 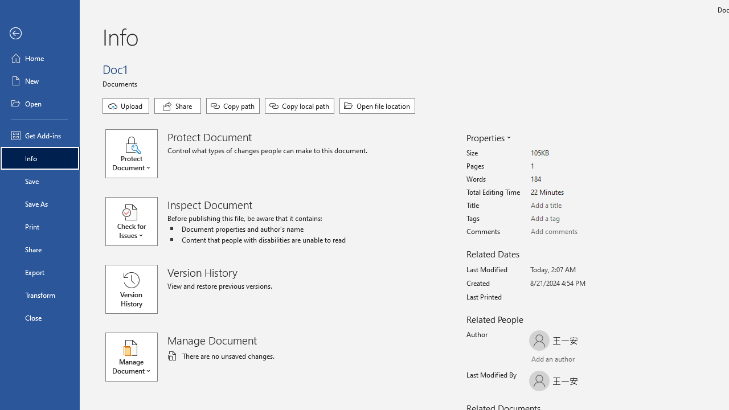 I want to click on 'Back', so click(x=39, y=33).